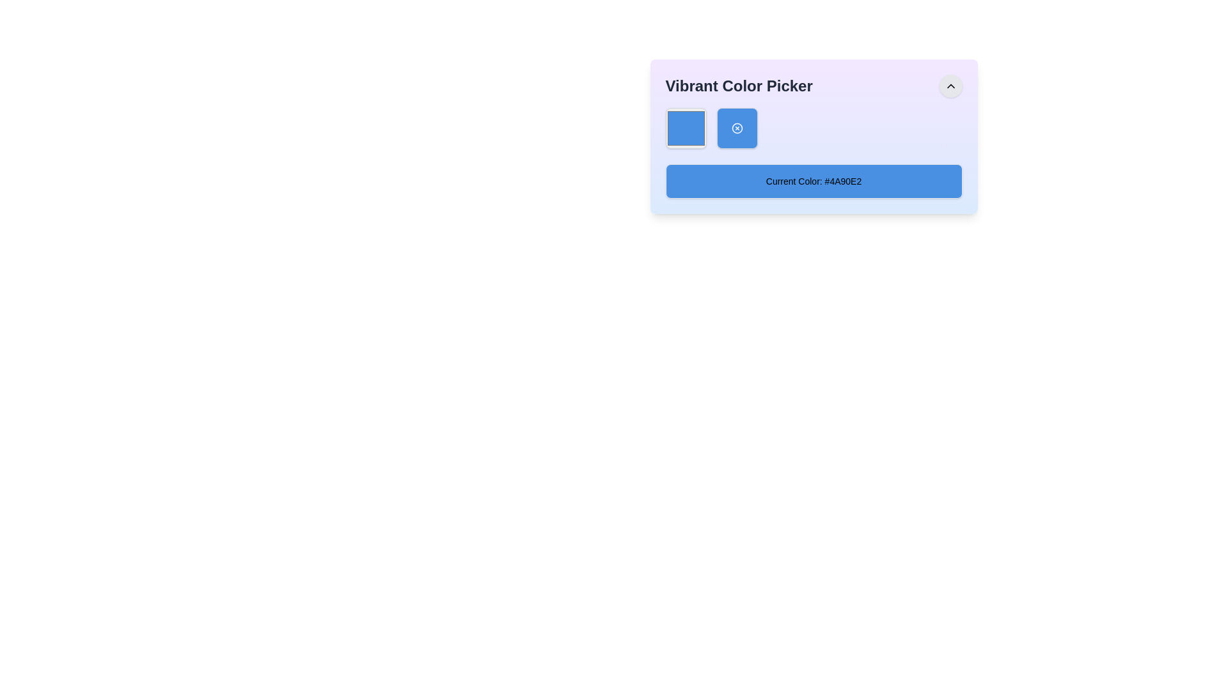 The image size is (1228, 690). What do you see at coordinates (737, 128) in the screenshot?
I see `the central circular Decorative icon within the blue button located at the second position from the left in the row of buttons underneath 'Vibrant Color Picker'` at bounding box center [737, 128].